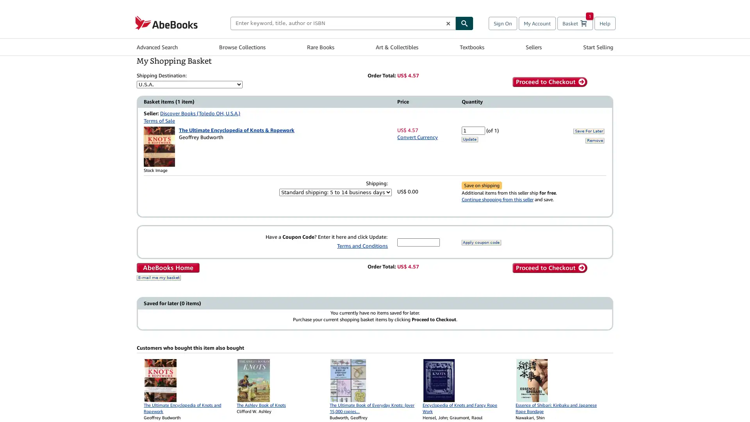  Describe the element at coordinates (549, 82) in the screenshot. I see `Proceed to Checkout` at that location.